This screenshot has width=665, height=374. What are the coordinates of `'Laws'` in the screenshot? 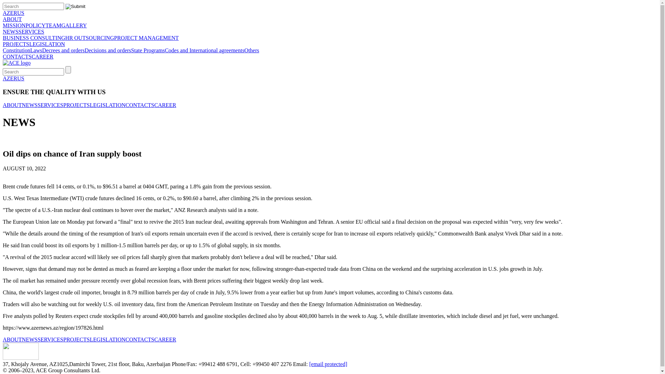 It's located at (29, 50).